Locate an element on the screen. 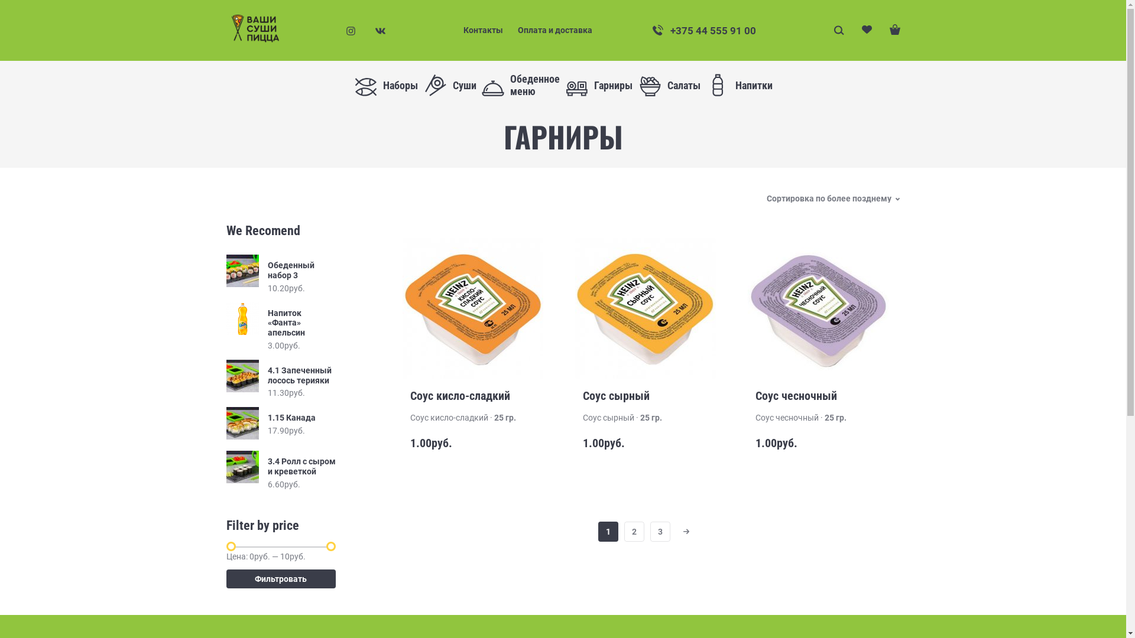  '3' is located at coordinates (660, 530).